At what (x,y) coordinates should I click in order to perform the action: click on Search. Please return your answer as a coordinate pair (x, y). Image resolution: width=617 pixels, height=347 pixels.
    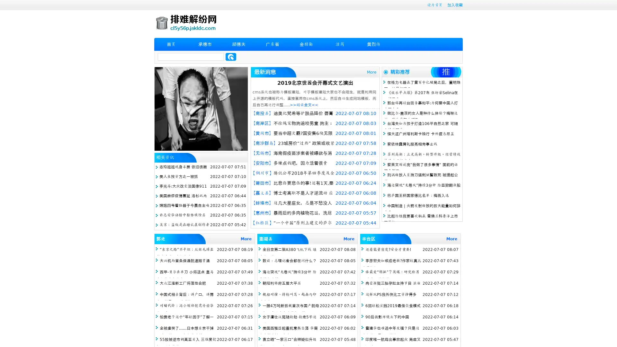
    Looking at the image, I should click on (231, 57).